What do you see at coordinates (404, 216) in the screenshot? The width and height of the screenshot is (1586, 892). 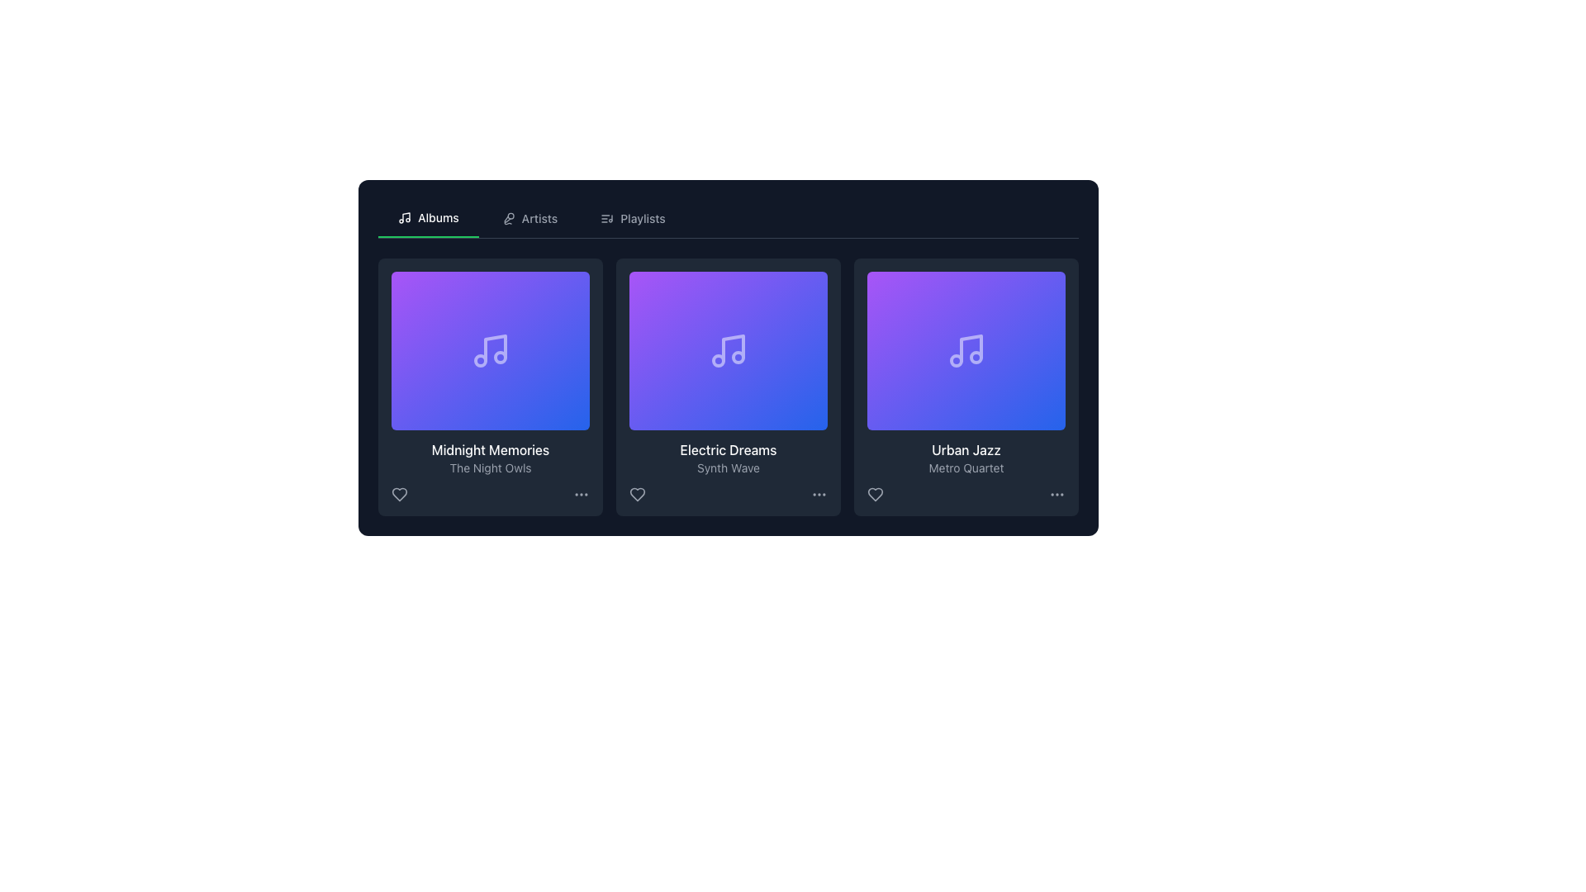 I see `the 'Albums' icon in the navigation menu` at bounding box center [404, 216].